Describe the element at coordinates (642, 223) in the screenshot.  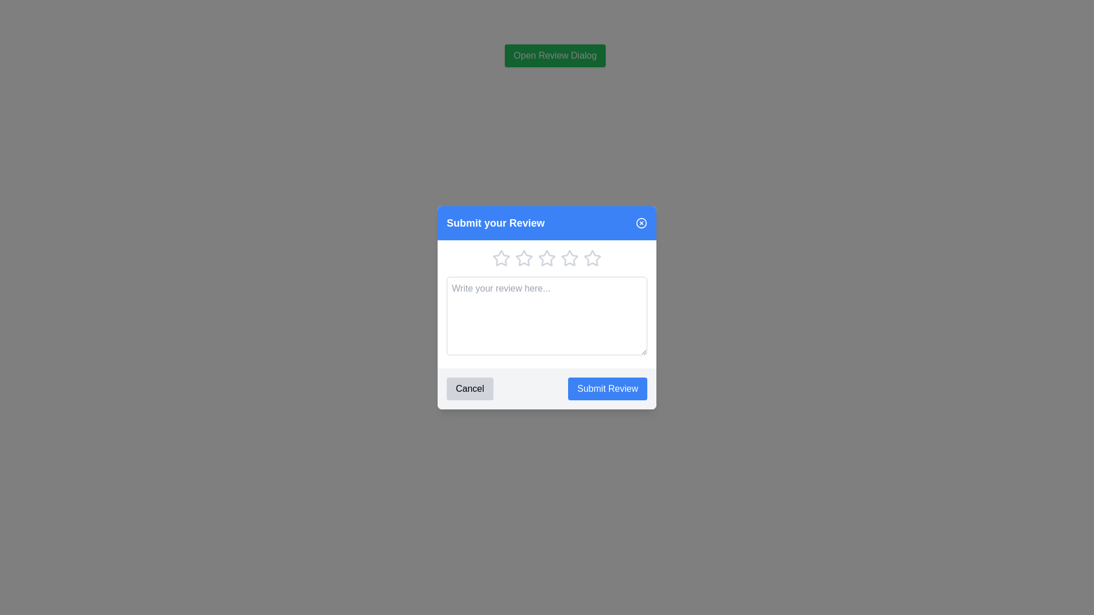
I see `the circular close button with a cross symbol, highlighted in red, located in the top-right corner of the 'Submit your Review' dialog` at that location.